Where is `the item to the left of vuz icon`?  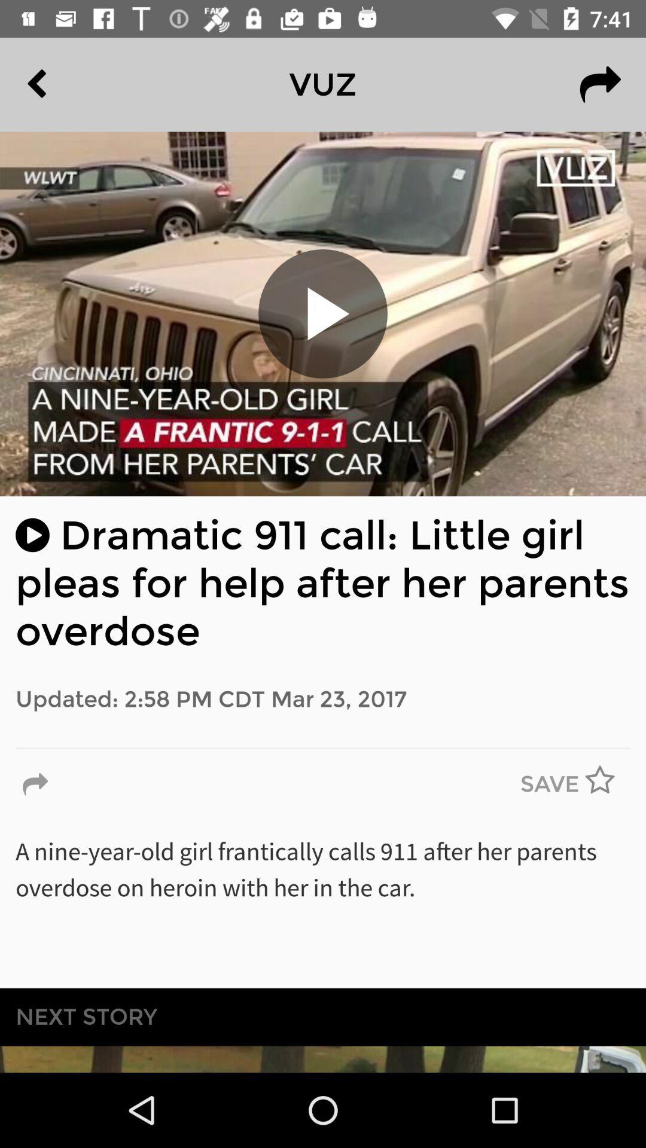
the item to the left of vuz icon is located at coordinates (64, 84).